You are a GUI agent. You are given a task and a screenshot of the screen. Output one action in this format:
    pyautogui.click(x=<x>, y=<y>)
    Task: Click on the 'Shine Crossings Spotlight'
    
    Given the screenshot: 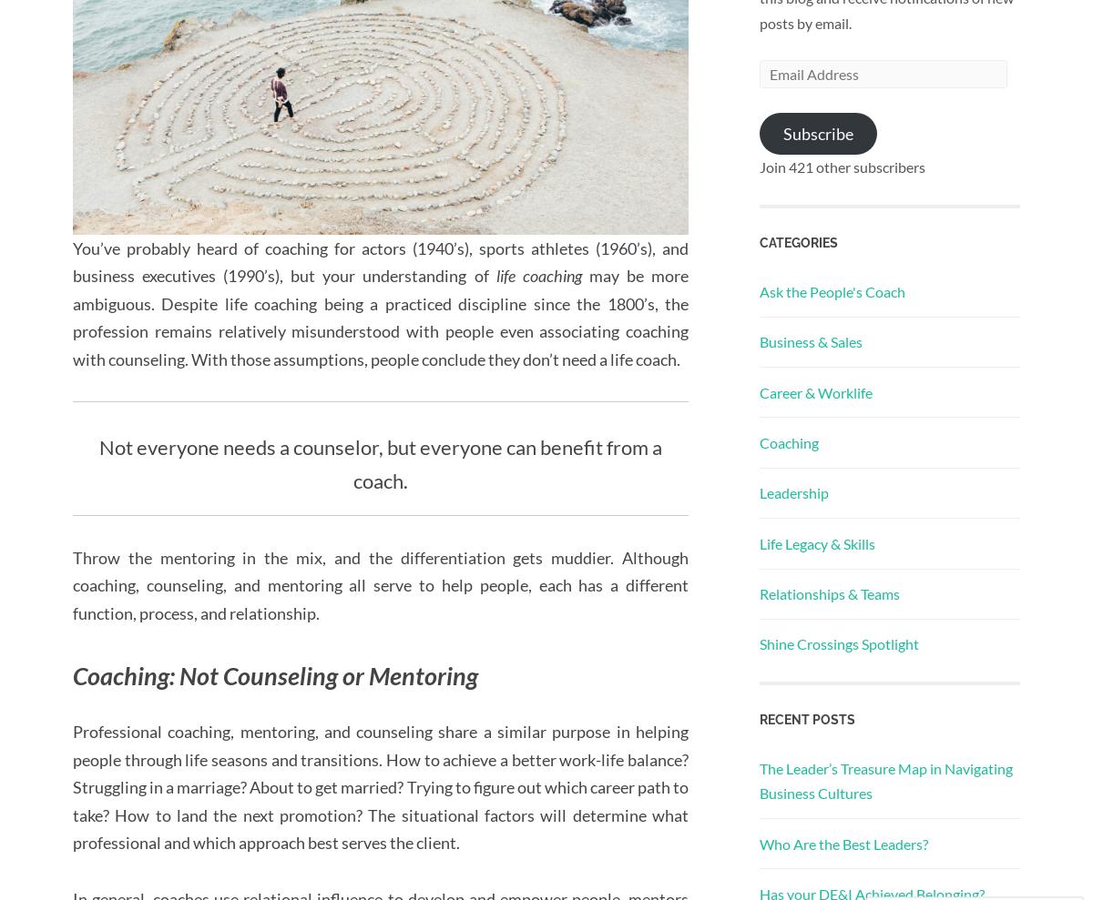 What is the action you would take?
    pyautogui.click(x=839, y=642)
    